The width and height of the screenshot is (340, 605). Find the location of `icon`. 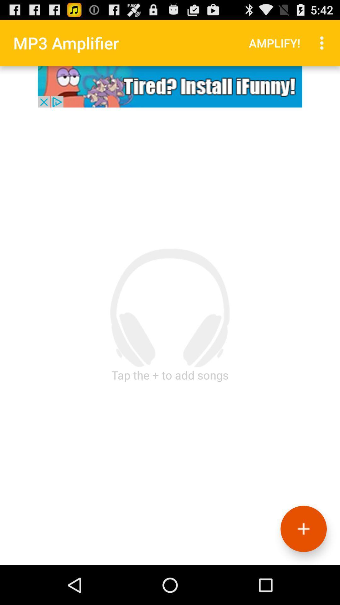

icon is located at coordinates (303, 529).